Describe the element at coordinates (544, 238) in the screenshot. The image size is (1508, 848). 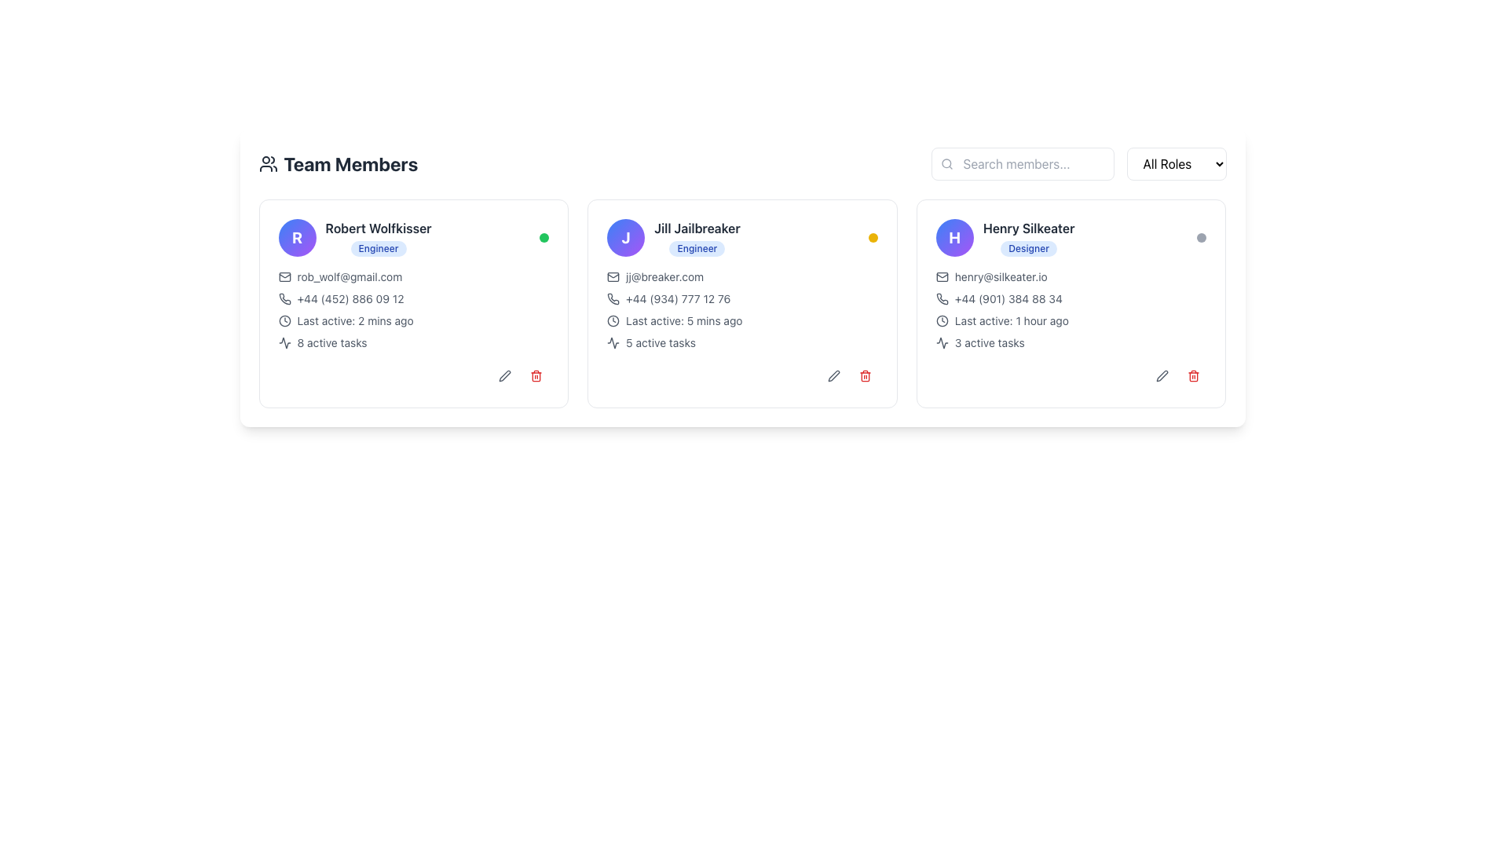
I see `the profile card titled 'Robert Wolfkisser' by clicking on the status indicator dot located in the top-right corner of the card` at that location.